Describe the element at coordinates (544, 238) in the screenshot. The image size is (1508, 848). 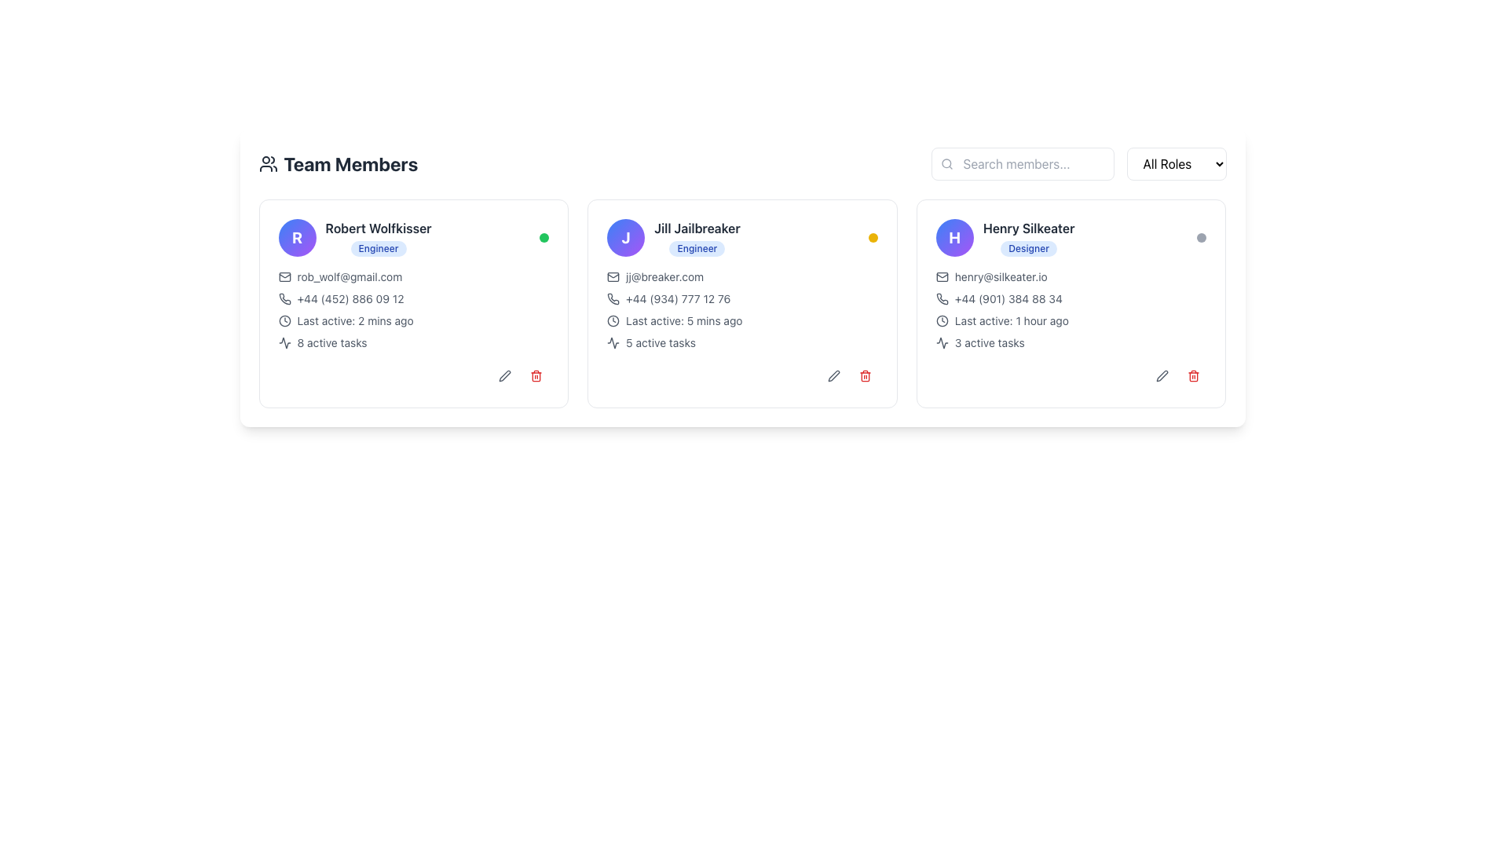
I see `the profile card titled 'Robert Wolfkisser' by clicking on the status indicator dot located in the top-right corner of the card` at that location.